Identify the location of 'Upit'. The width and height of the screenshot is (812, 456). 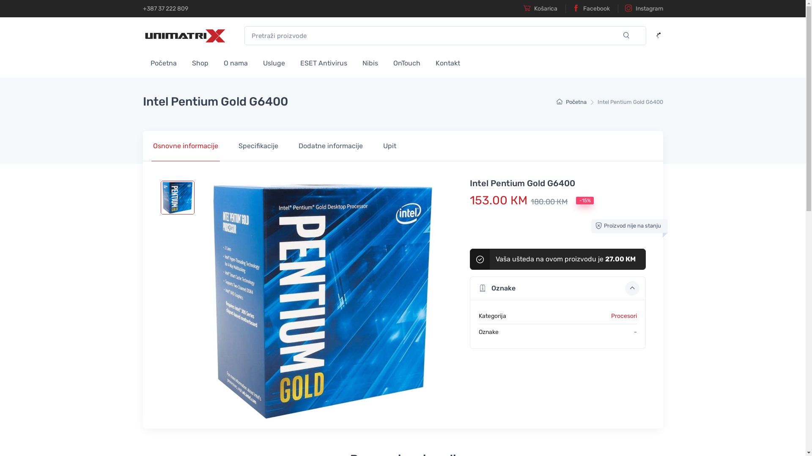
(389, 146).